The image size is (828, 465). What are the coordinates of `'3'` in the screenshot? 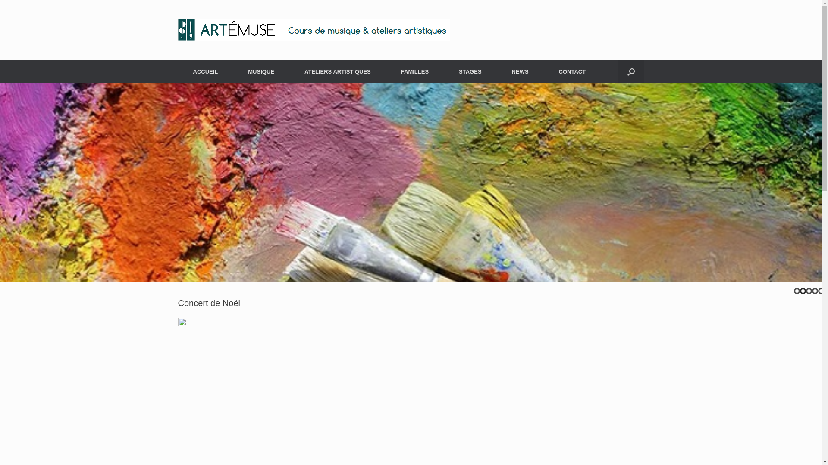 It's located at (809, 291).